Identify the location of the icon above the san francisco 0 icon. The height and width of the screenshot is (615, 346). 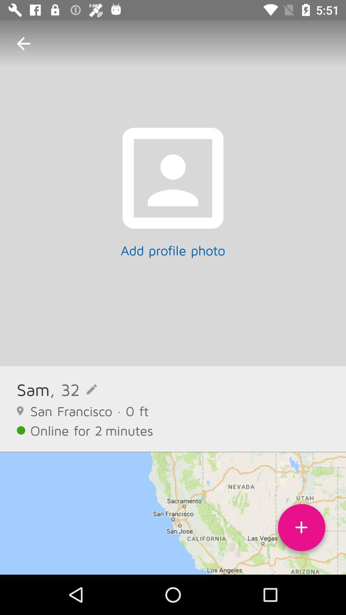
(33, 389).